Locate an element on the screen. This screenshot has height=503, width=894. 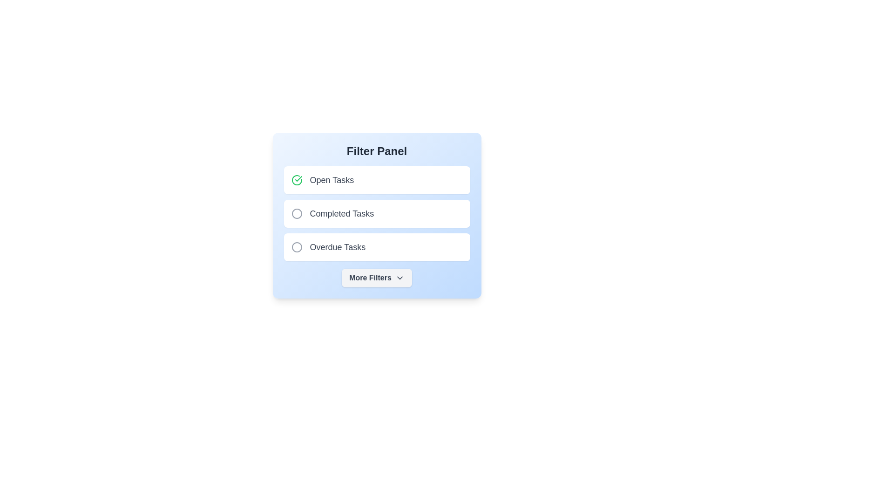
the filter item Open Tasks to highlight it is located at coordinates (296, 180).